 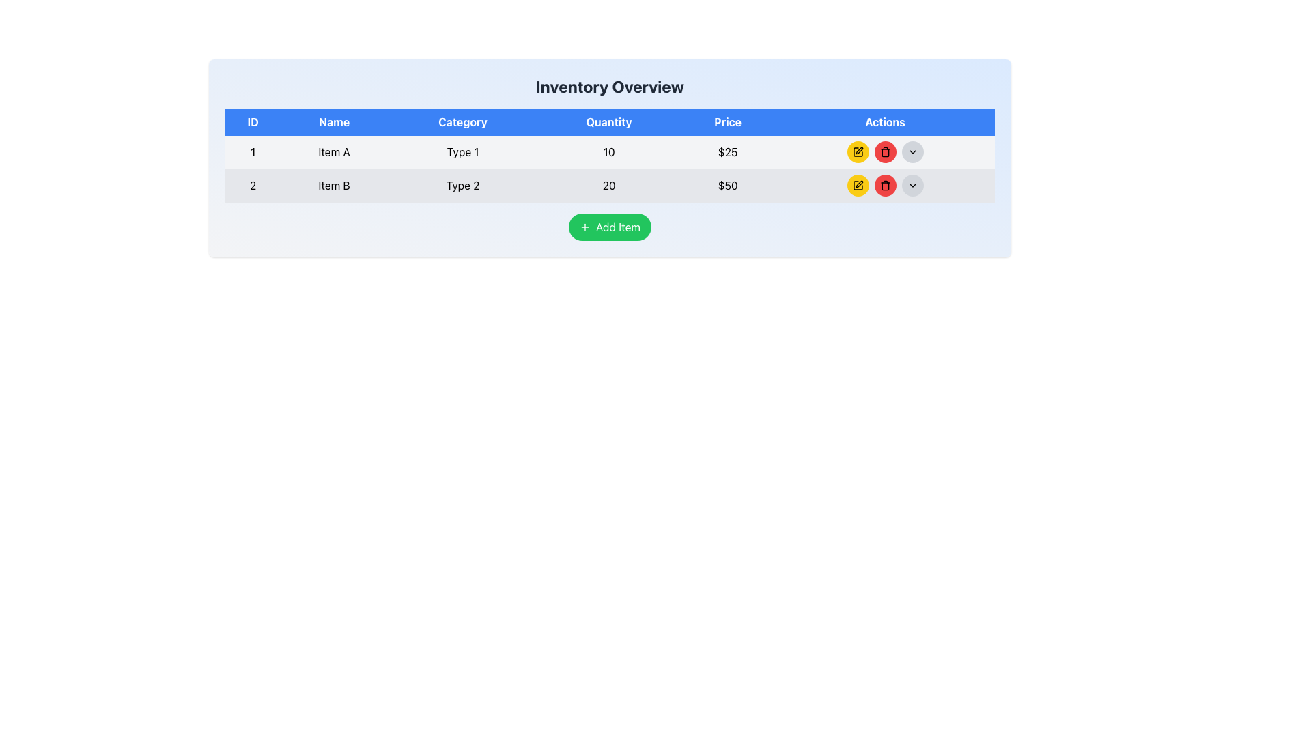 I want to click on the circular dropdown button with a light gray background and a downward-pointing chevron icon located in the 'Actions' column of the second row of the data table, so click(x=912, y=186).